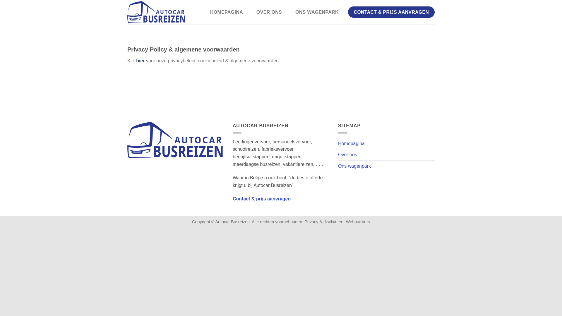  Describe the element at coordinates (358, 222) in the screenshot. I see `'Webpartners'` at that location.